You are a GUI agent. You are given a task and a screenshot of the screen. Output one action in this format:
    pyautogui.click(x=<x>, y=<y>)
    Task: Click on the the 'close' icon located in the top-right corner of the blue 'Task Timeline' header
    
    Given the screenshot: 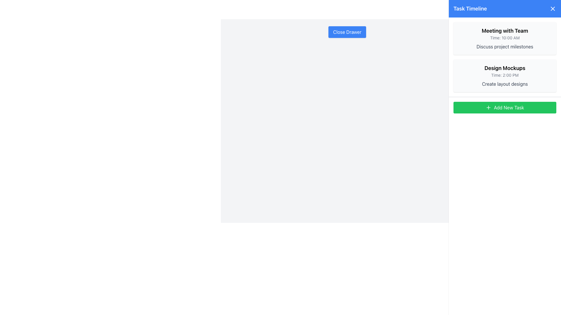 What is the action you would take?
    pyautogui.click(x=552, y=9)
    